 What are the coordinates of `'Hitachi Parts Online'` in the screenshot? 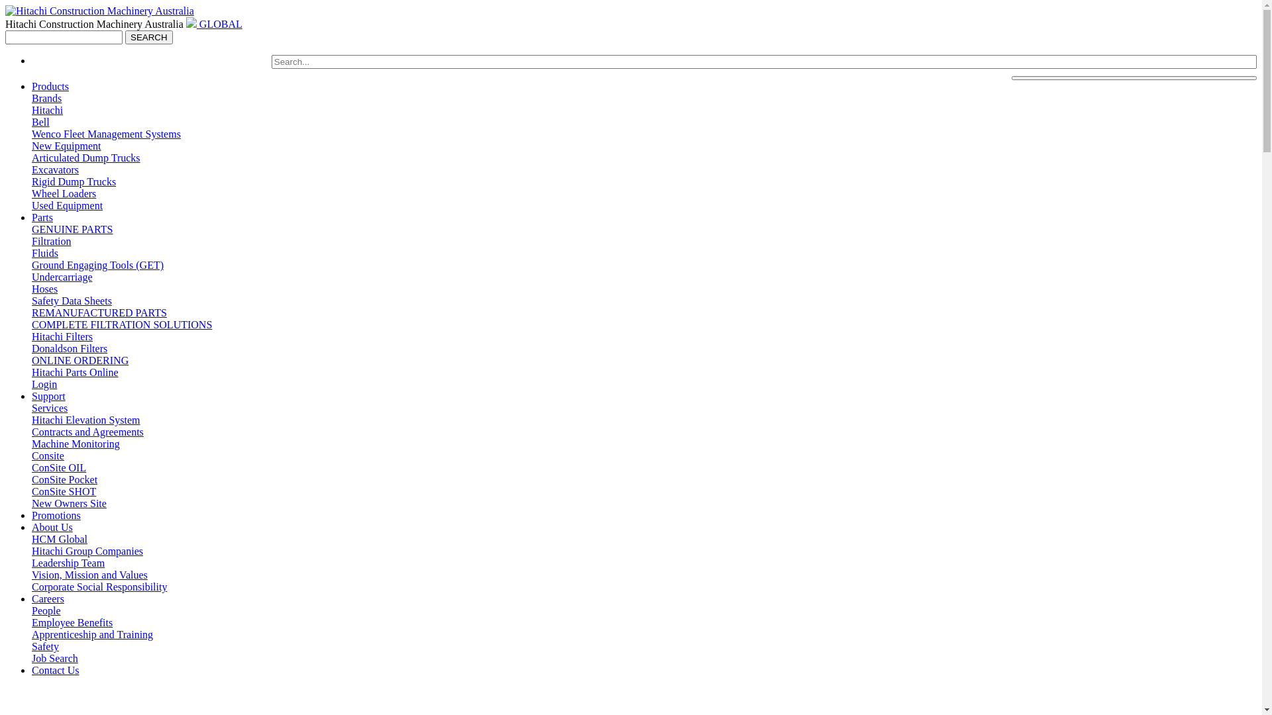 It's located at (32, 372).